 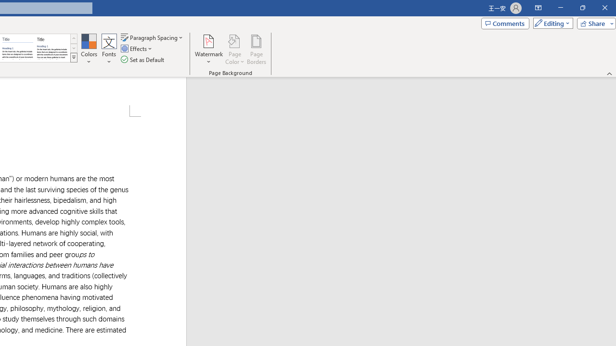 I want to click on 'Close', so click(x=604, y=8).